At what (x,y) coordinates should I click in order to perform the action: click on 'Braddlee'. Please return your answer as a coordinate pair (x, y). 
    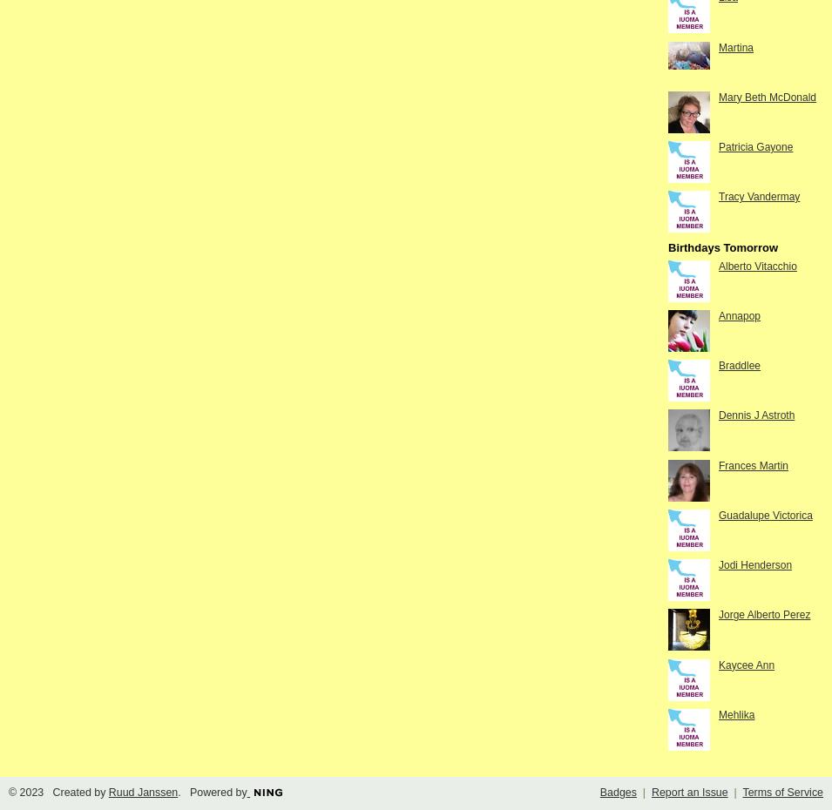
    Looking at the image, I should click on (739, 365).